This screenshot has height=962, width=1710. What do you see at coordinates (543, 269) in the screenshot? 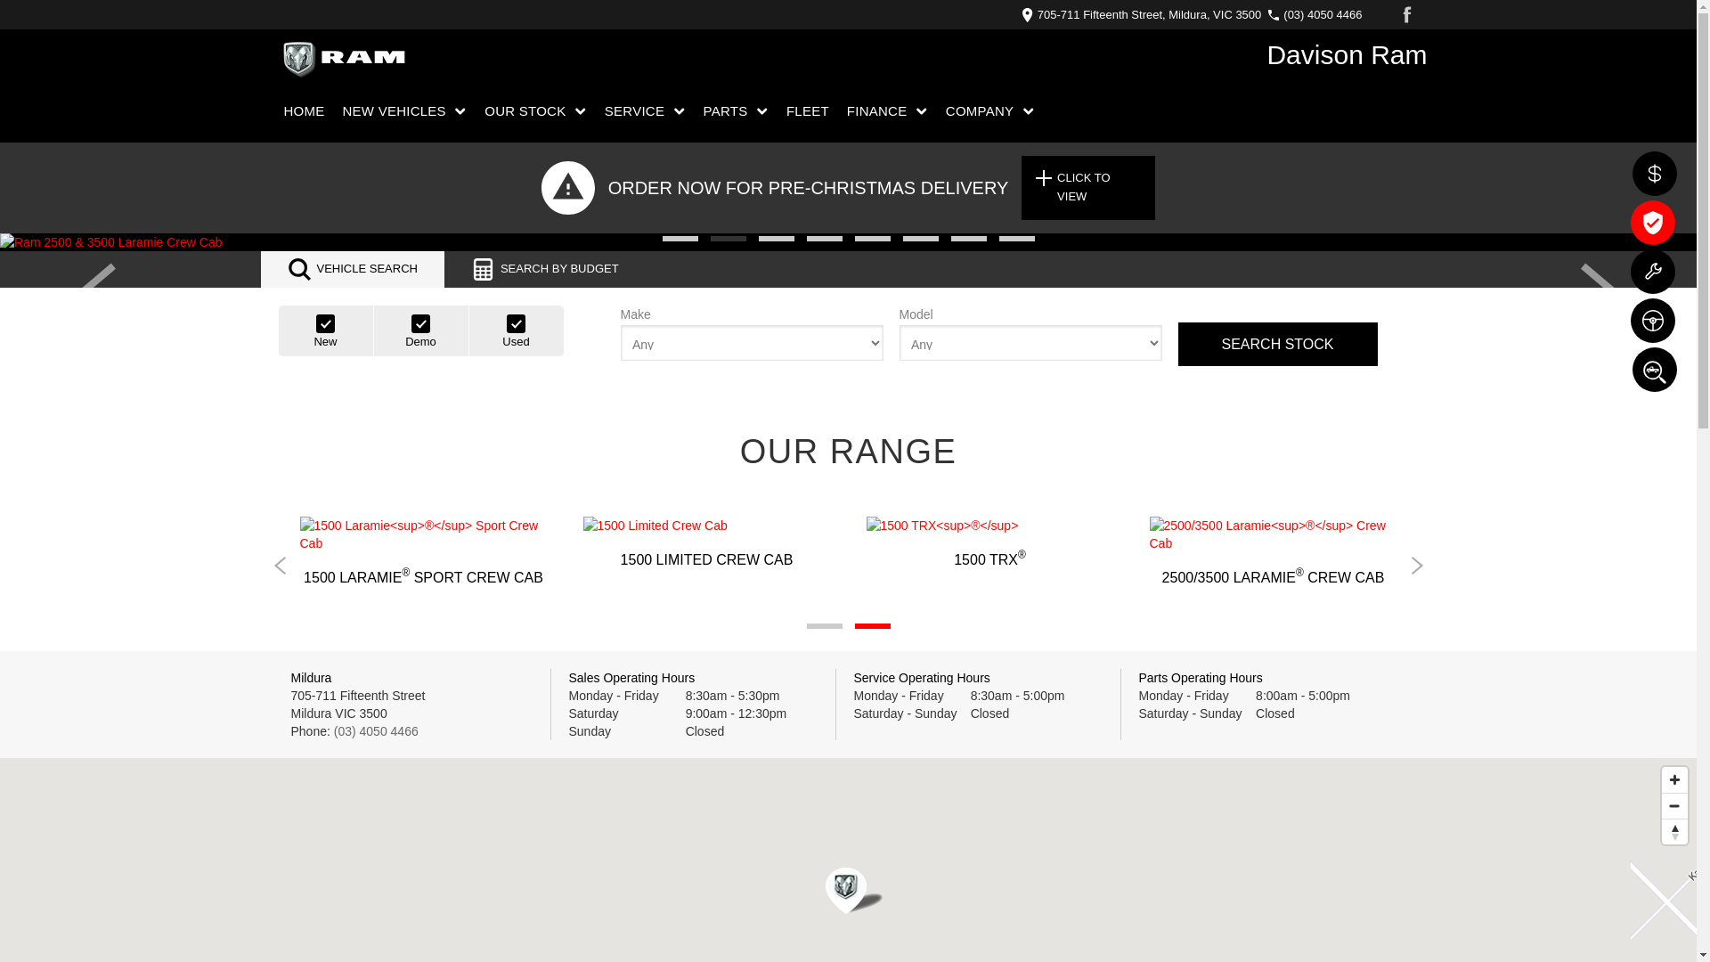
I see `'SEARCH BY BUDGET'` at bounding box center [543, 269].